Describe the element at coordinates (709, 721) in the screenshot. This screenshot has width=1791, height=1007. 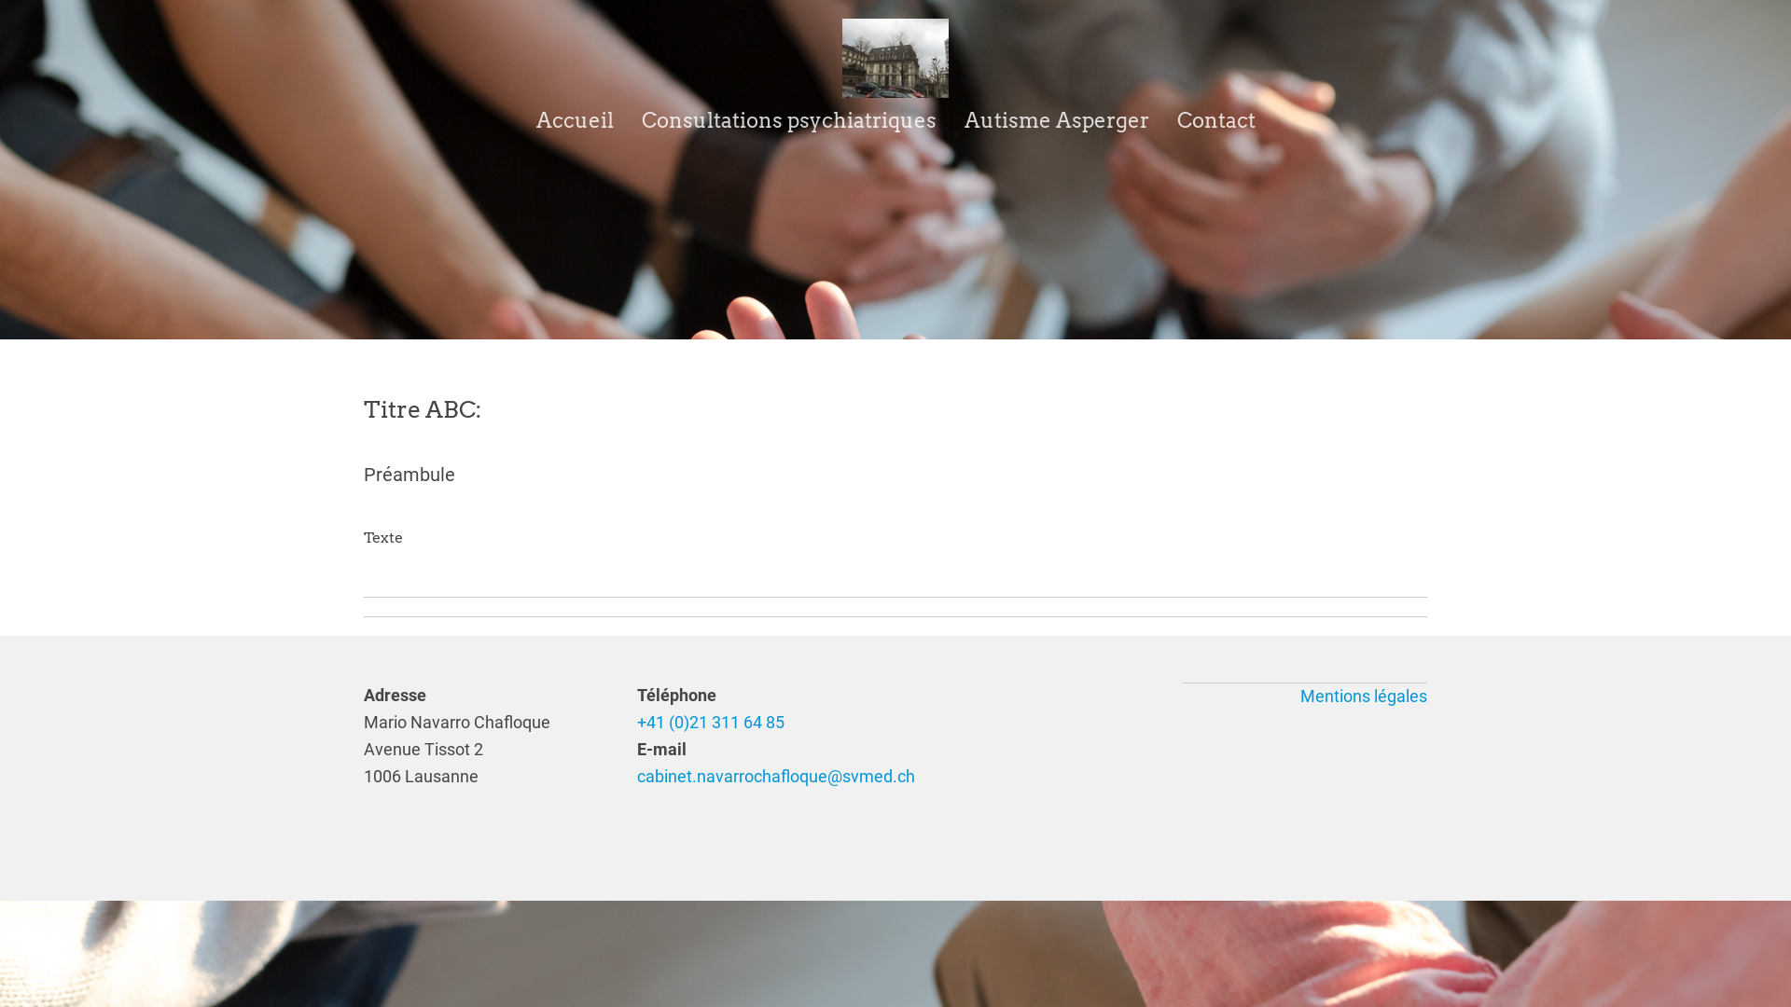
I see `'+41 (0)21 311 64 85'` at that location.